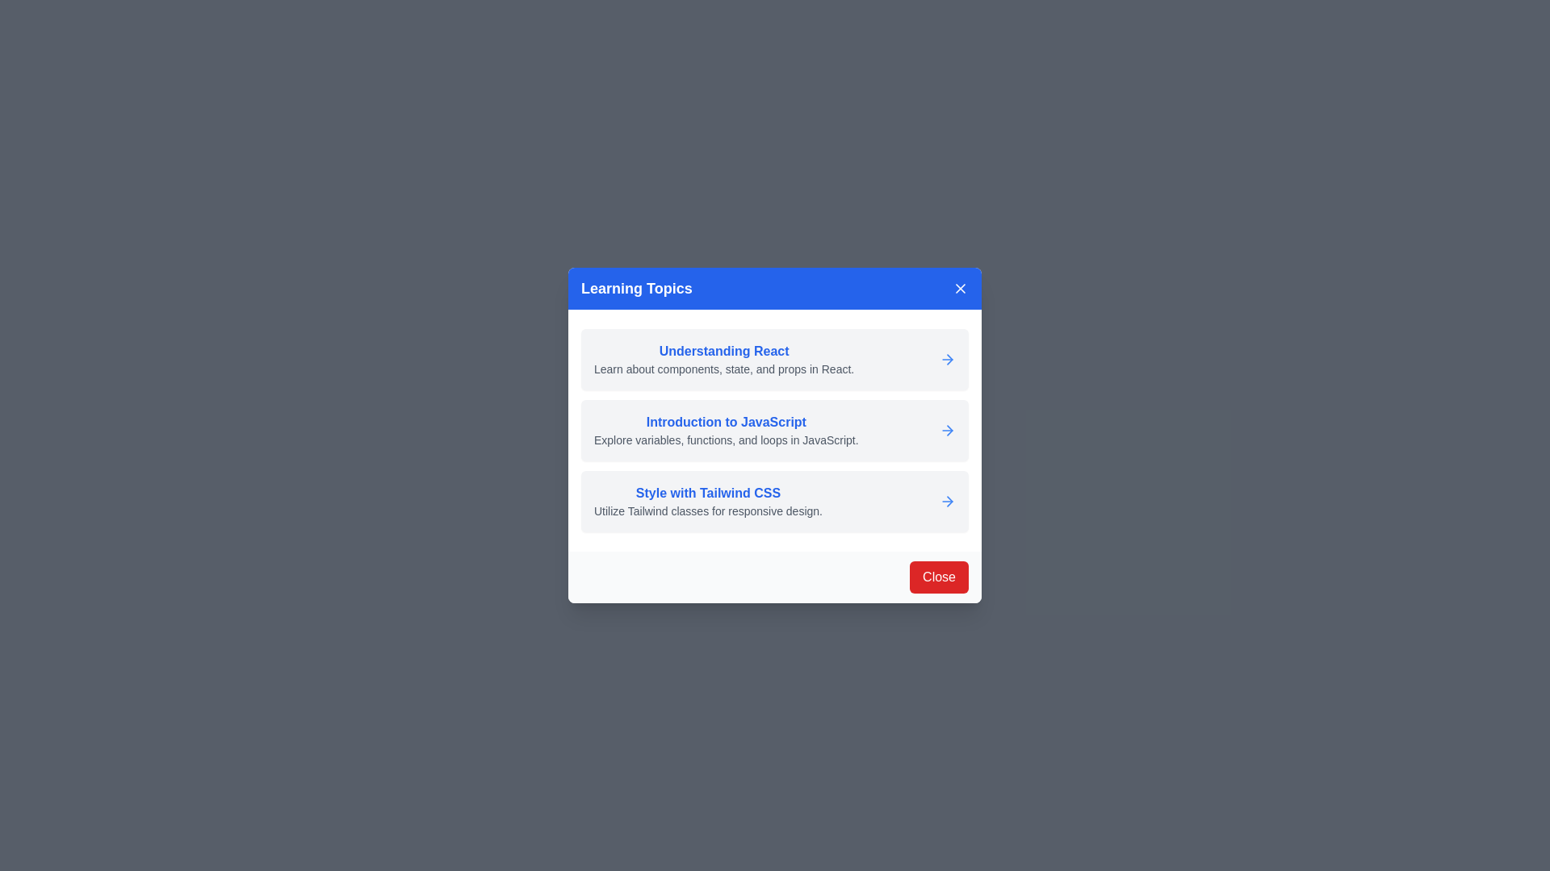 This screenshot has height=871, width=1550. I want to click on the Text Label that serves as the title for the learning topic in the 'Learning Topics' modal, so click(723, 350).